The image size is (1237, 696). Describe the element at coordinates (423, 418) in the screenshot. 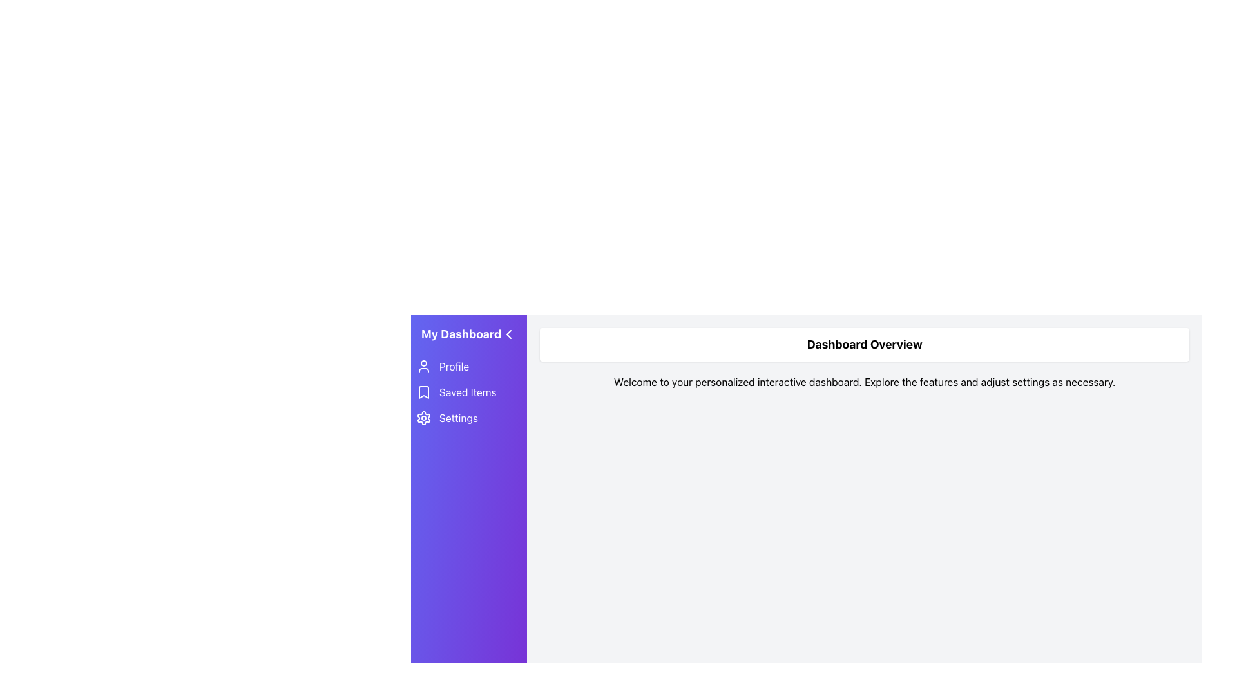

I see `the circular gear icon located at the bottom section of the navigation sidebar, under 'Saved Items', labeled 'Settings'` at that location.